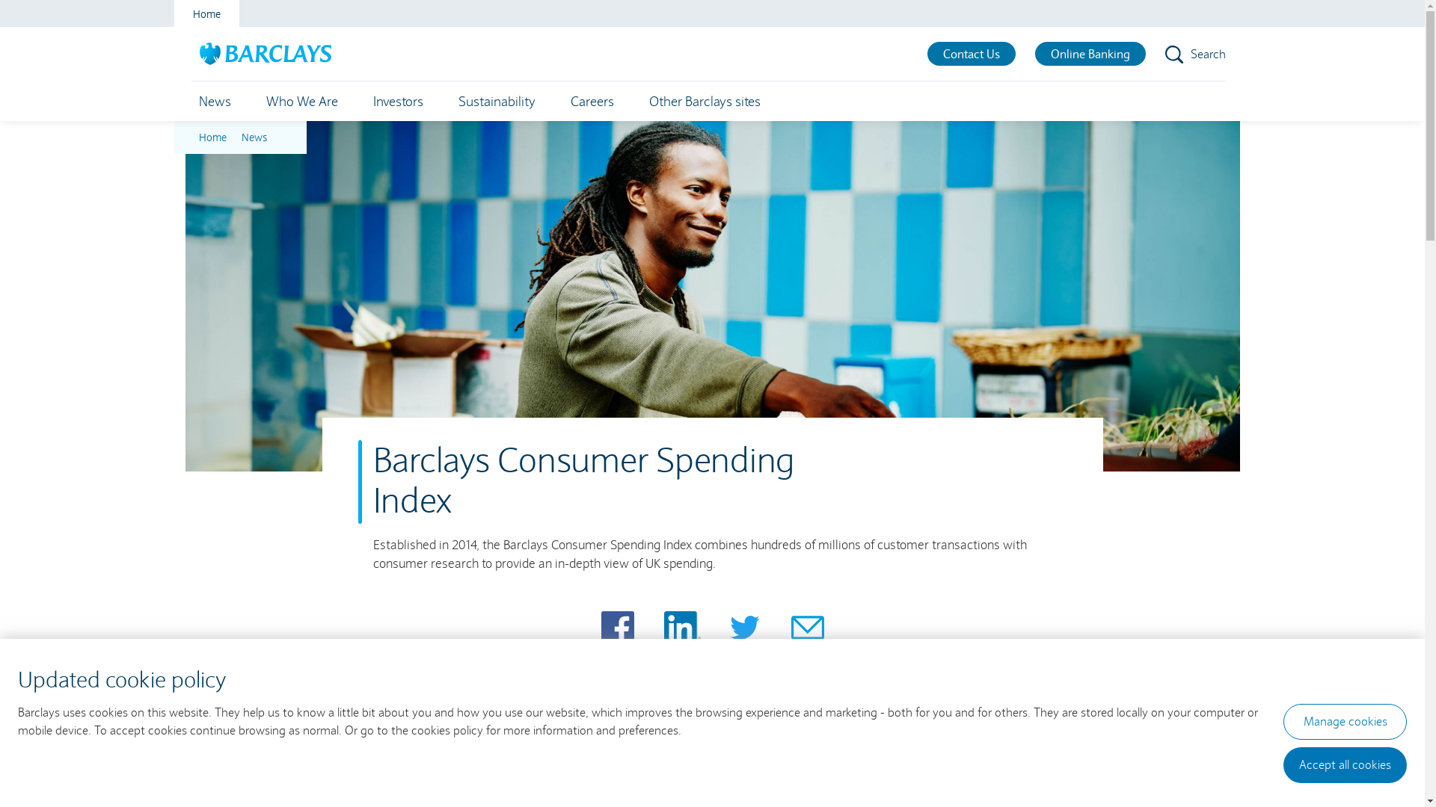  Describe the element at coordinates (704, 101) in the screenshot. I see `'Other Barclays sites'` at that location.